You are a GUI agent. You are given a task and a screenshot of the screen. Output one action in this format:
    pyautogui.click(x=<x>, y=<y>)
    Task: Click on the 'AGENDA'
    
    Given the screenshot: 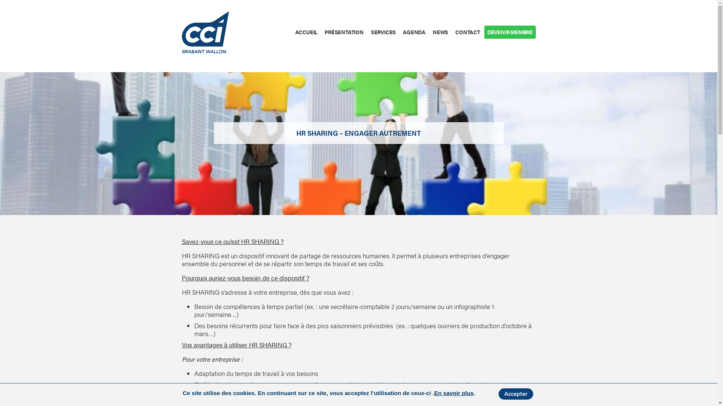 What is the action you would take?
    pyautogui.click(x=414, y=32)
    